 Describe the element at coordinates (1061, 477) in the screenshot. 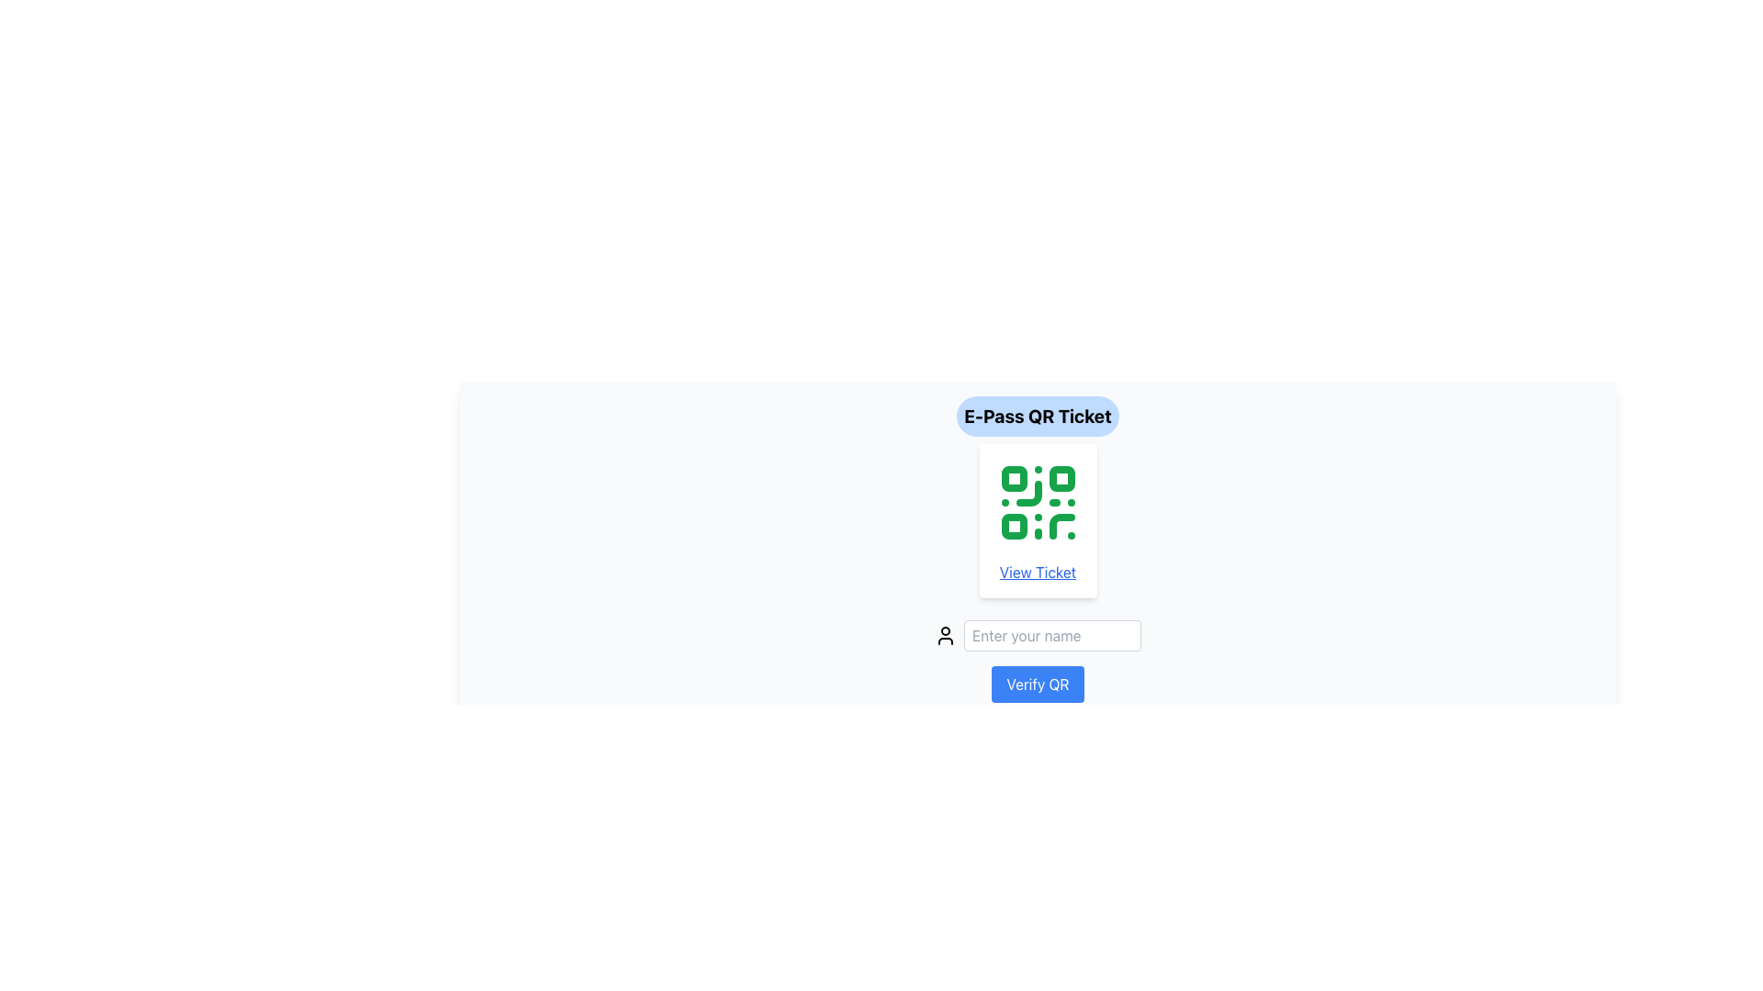

I see `the decorative segment of the QR code design located under the 'E-Pass QR Ticket' label in the top-right area of the main interface` at that location.